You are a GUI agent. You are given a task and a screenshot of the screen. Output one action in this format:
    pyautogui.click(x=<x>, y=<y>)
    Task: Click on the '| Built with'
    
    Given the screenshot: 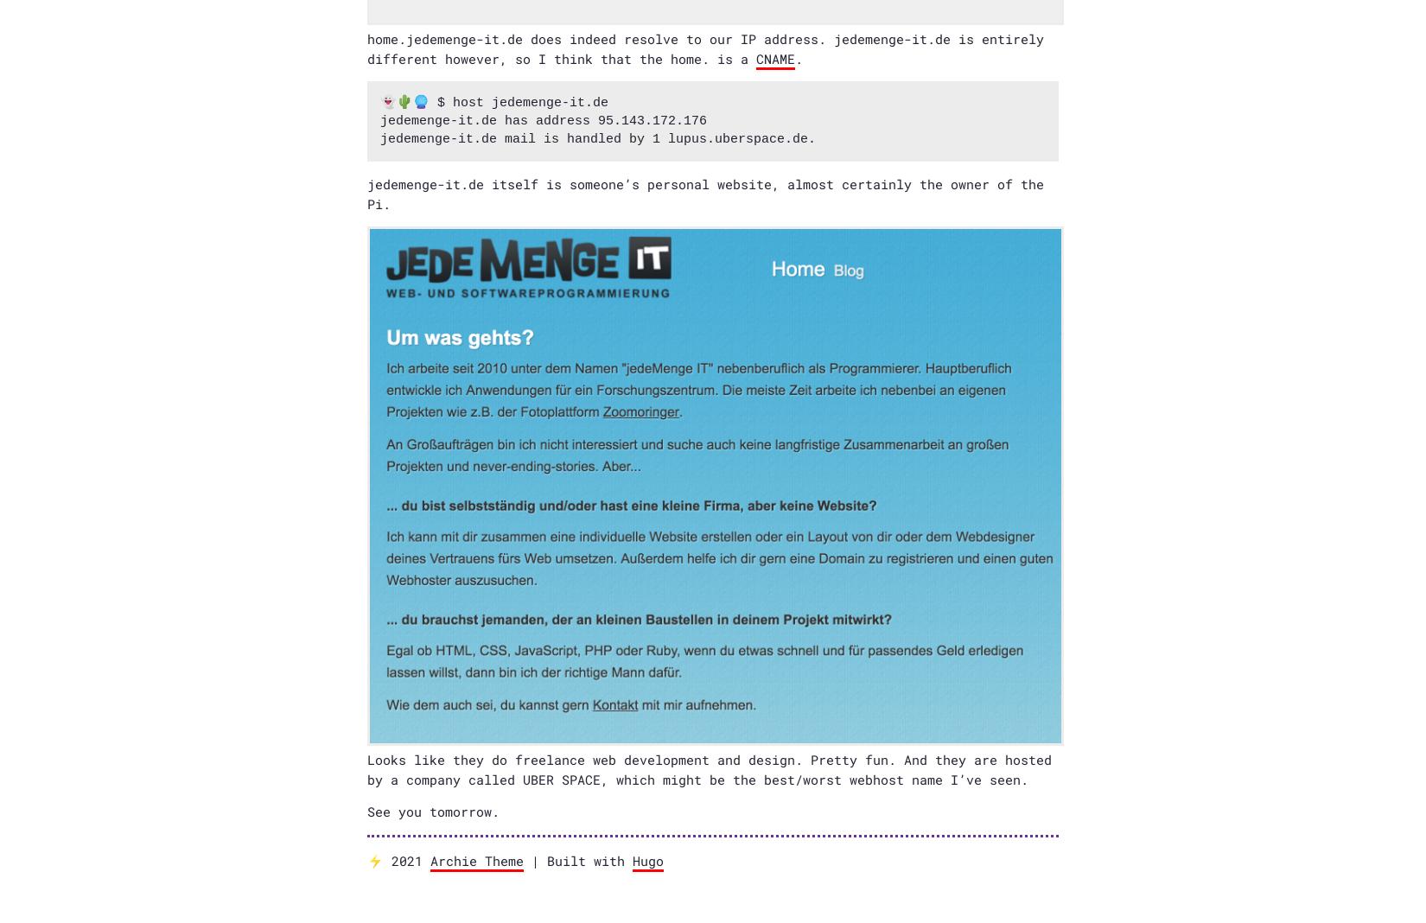 What is the action you would take?
    pyautogui.click(x=577, y=859)
    